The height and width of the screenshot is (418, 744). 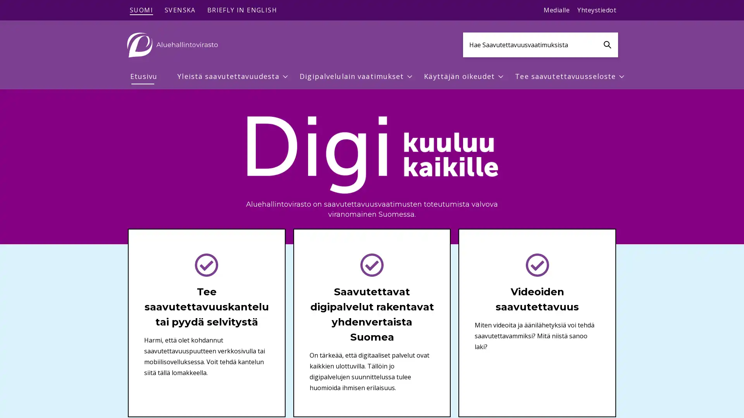 What do you see at coordinates (285, 76) in the screenshot?
I see `Alavalikko sivulle Yleista saavutettavuudesta` at bounding box center [285, 76].